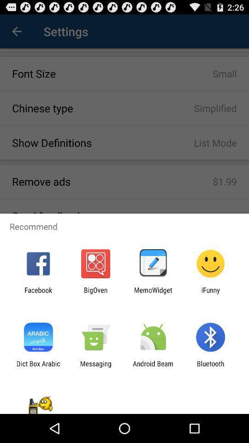  Describe the element at coordinates (210, 367) in the screenshot. I see `the item to the right of the android beam item` at that location.